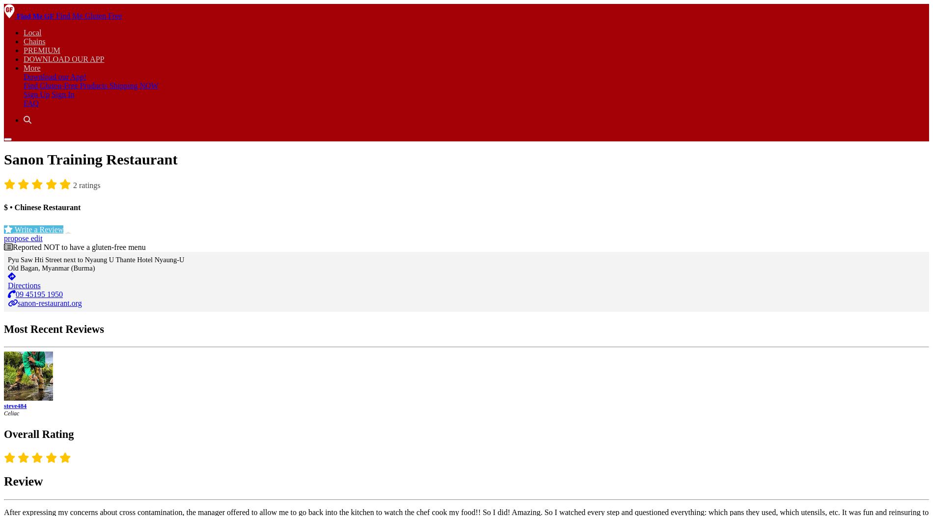  Describe the element at coordinates (50, 302) in the screenshot. I see `'sanon-restaurant.org'` at that location.